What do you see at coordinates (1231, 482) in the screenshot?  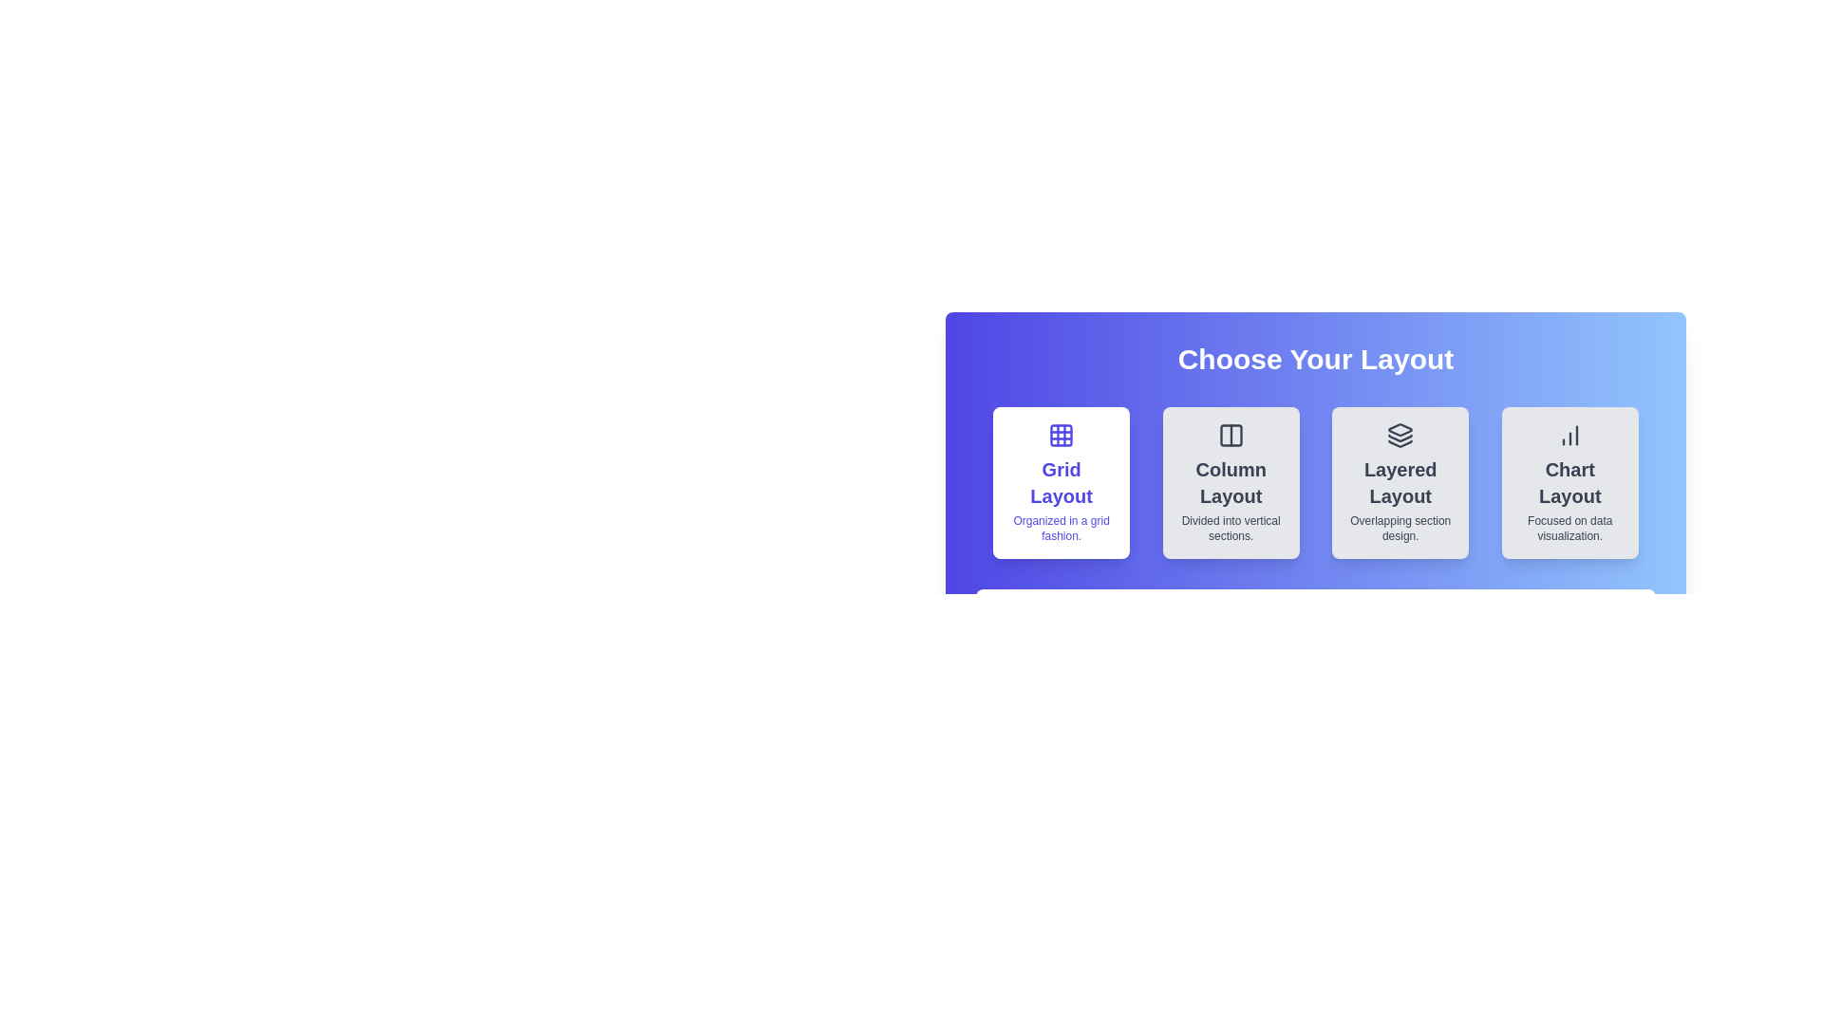 I see `the layout button corresponding to Column Layout` at bounding box center [1231, 482].